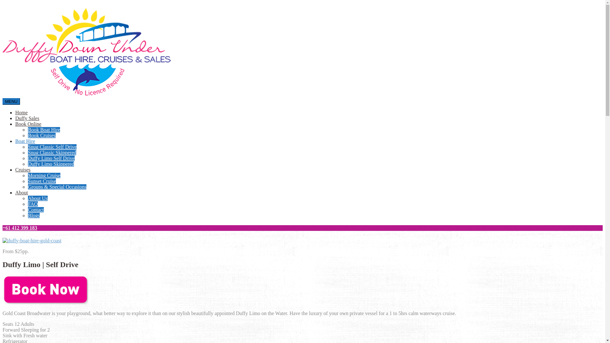  I want to click on 'Groups & Special Occasions', so click(27, 186).